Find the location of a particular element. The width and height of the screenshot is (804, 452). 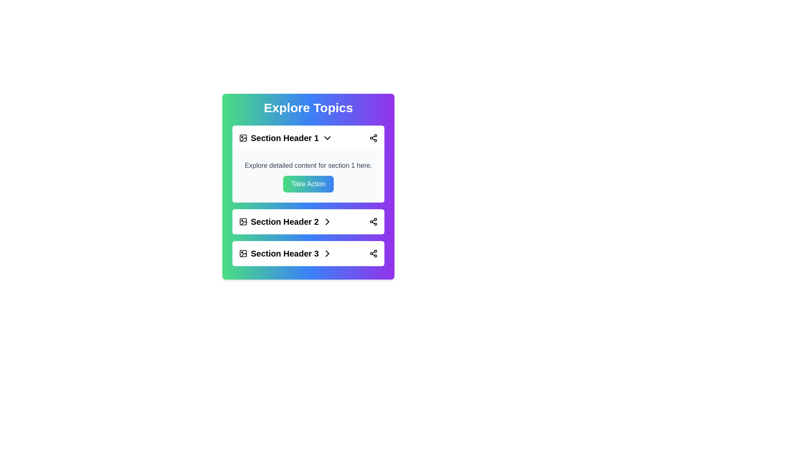

the icon representing image-related functionality in the 'Explore Topics' section, located at the left end of the third row, next to 'Section Header 3' is located at coordinates (242, 253).